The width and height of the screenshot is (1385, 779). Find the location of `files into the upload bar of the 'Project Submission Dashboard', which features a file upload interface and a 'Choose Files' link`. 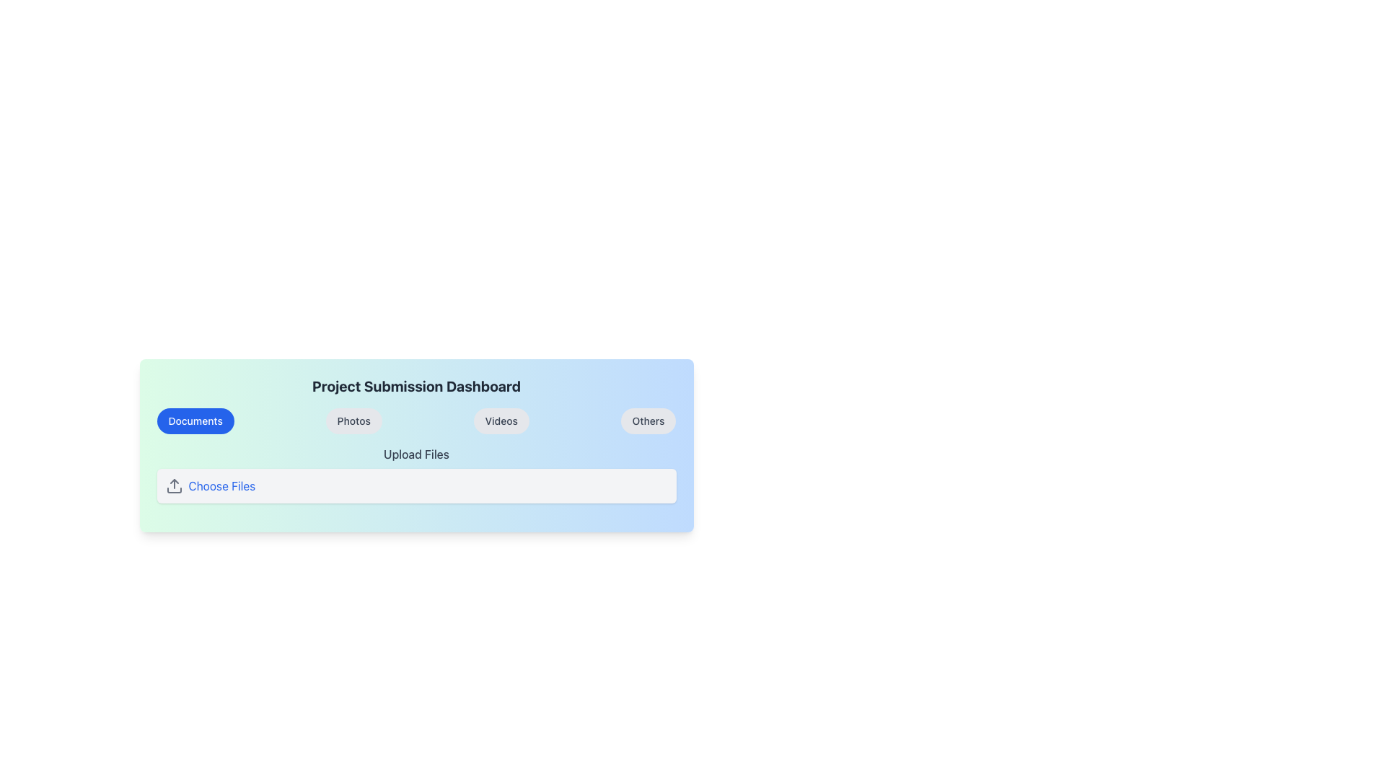

files into the upload bar of the 'Project Submission Dashboard', which features a file upload interface and a 'Choose Files' link is located at coordinates (415, 444).